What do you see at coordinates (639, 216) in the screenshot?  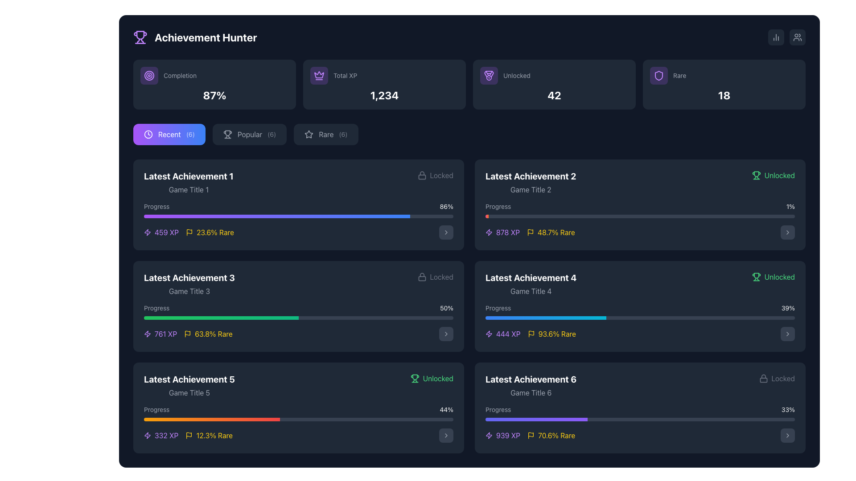 I see `the progress bar located in the 'Latest Achievement 2' section, beneath the 'Progress' label and '1%' numerical label, within the second row of the achievements list` at bounding box center [639, 216].